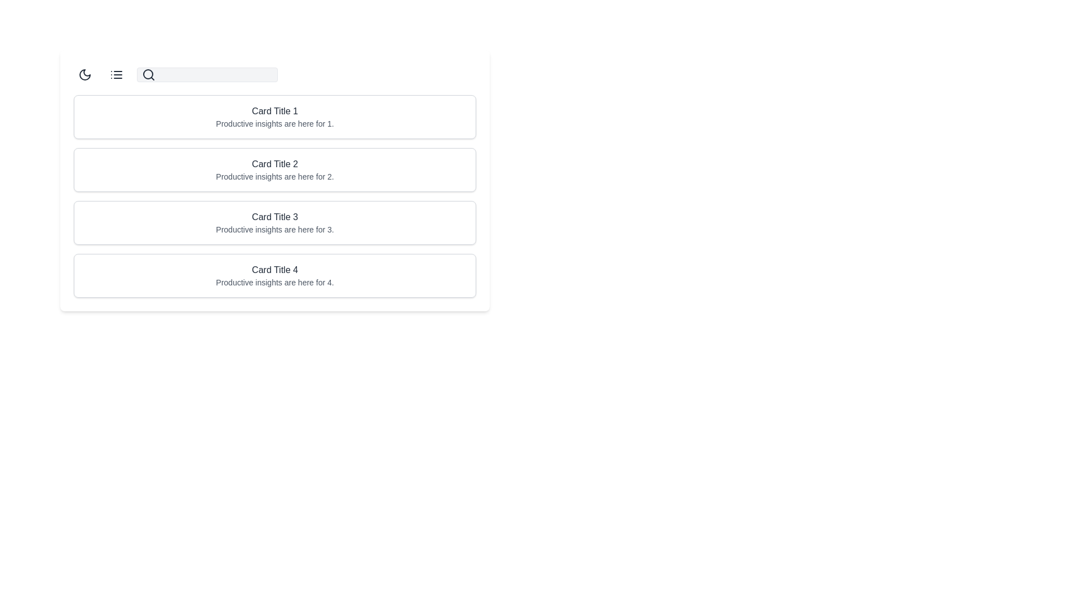  I want to click on the first card component in the vertically stacked grid, which is centrally placed and spans the full width of the grid, so click(275, 117).